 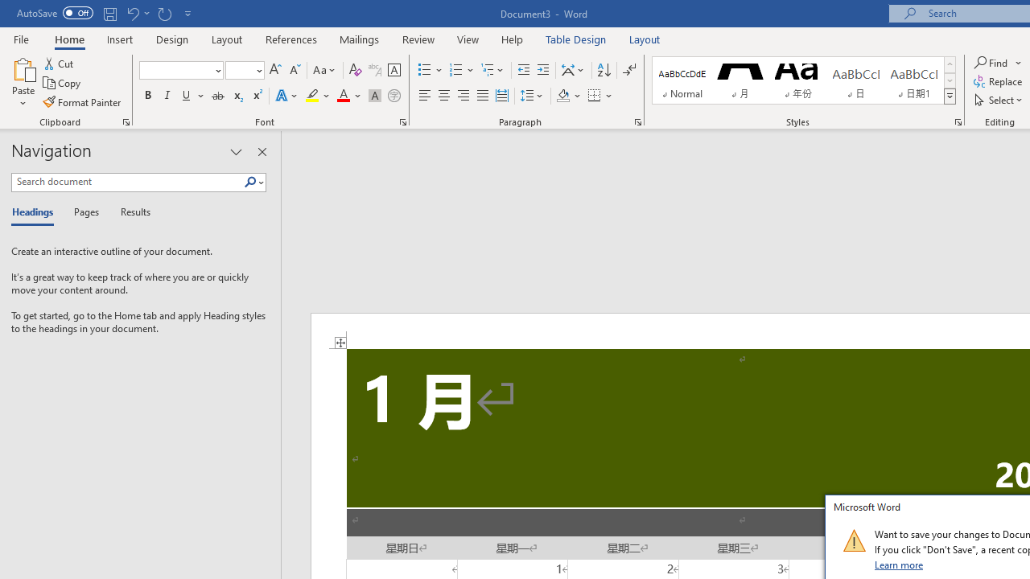 I want to click on 'AutomationID: QuickStylesGallery', so click(x=804, y=80).